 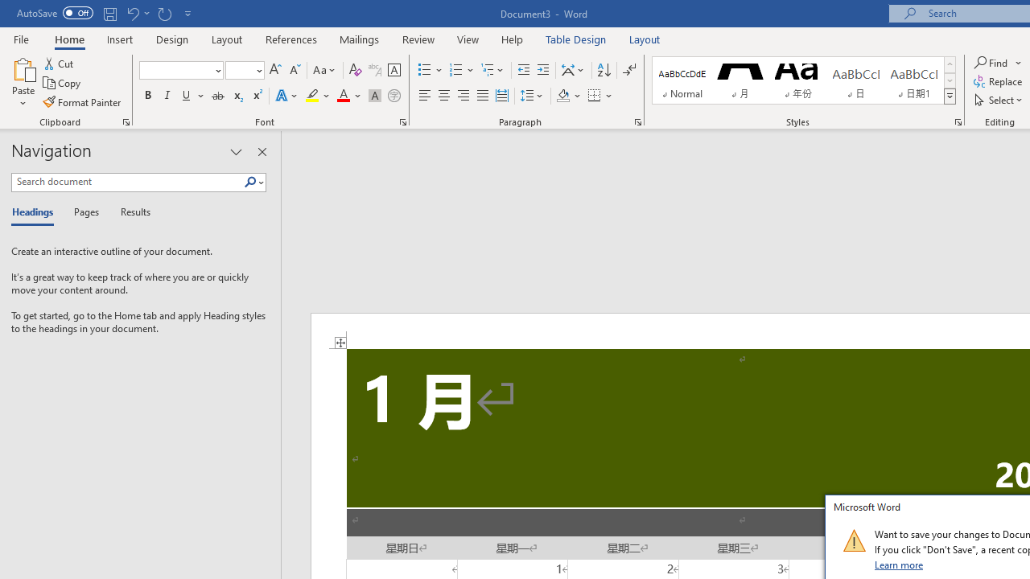 I want to click on 'AutomationID: QuickStylesGallery', so click(x=804, y=80).